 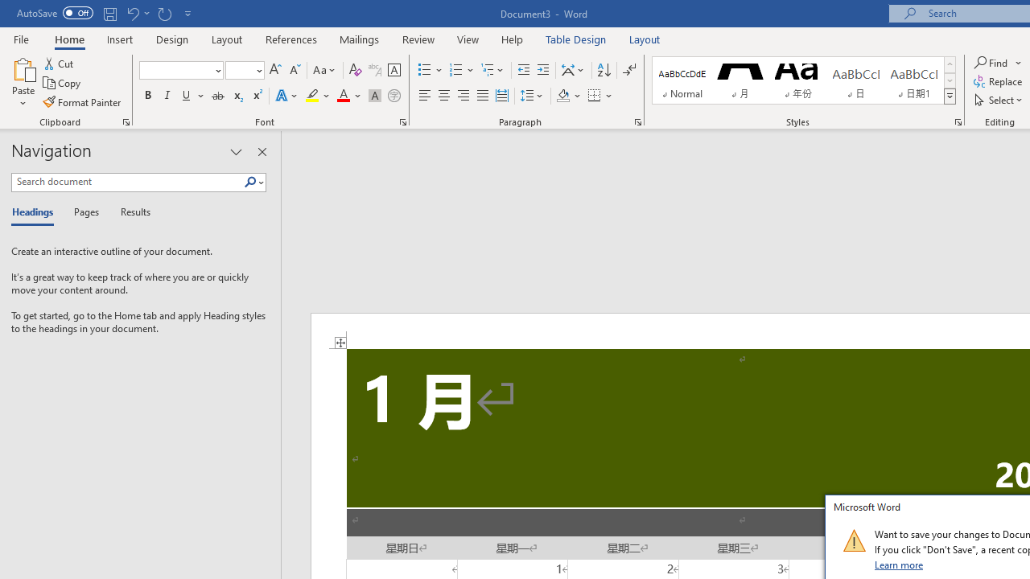 I want to click on 'AutomationID: QuickStylesGallery', so click(x=804, y=80).